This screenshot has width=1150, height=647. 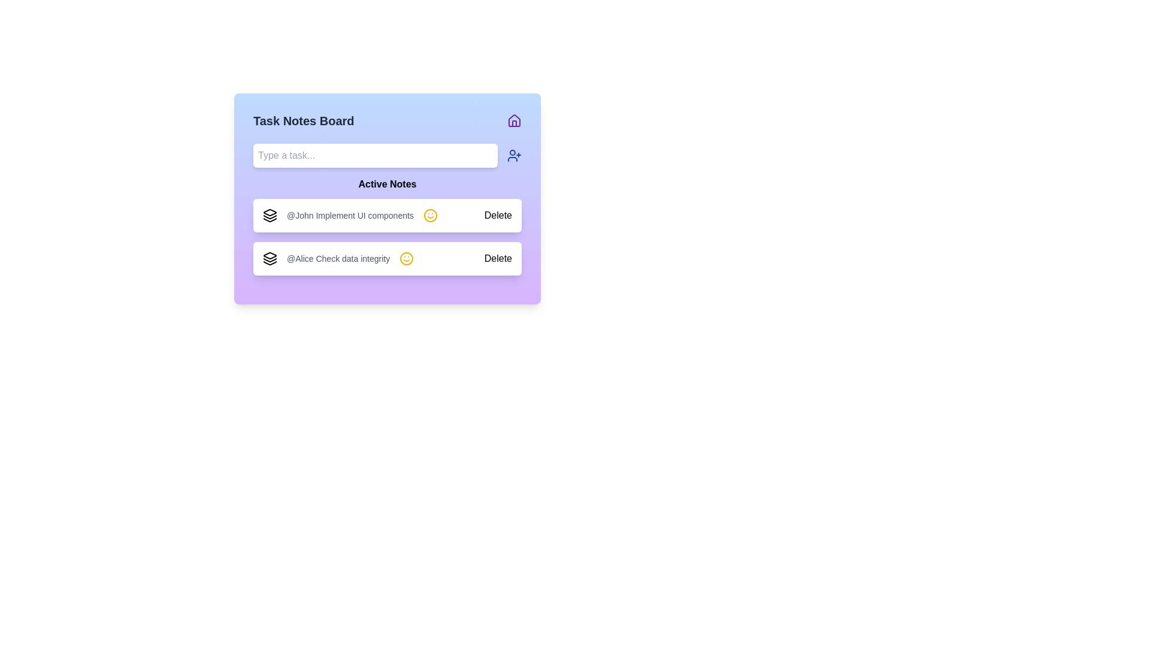 What do you see at coordinates (430, 214) in the screenshot?
I see `the Decorative icon, which is a circular yellow smiling face icon located to the right of the text block '@John Implement UI components' in the first task item of the task list` at bounding box center [430, 214].